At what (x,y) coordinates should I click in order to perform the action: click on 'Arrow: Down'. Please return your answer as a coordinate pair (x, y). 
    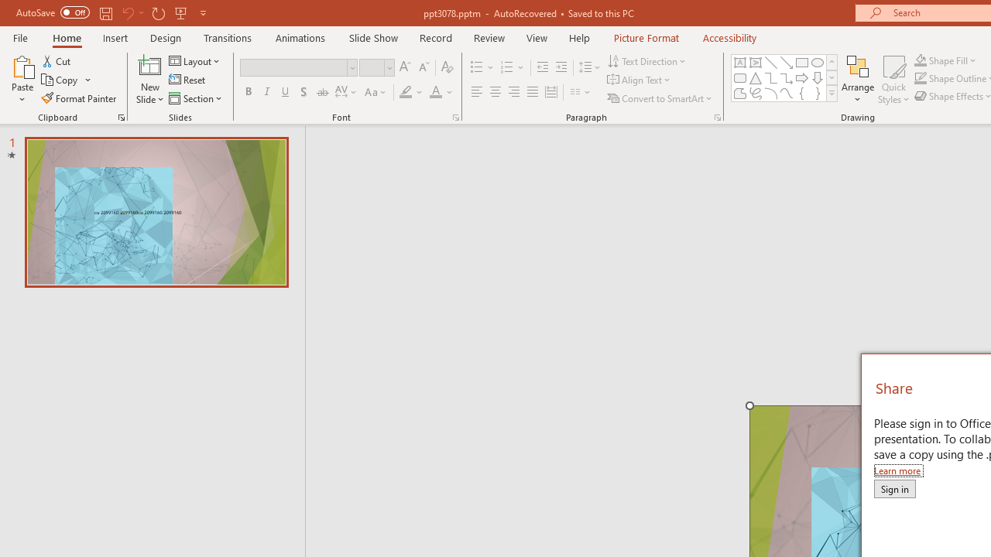
    Looking at the image, I should click on (817, 77).